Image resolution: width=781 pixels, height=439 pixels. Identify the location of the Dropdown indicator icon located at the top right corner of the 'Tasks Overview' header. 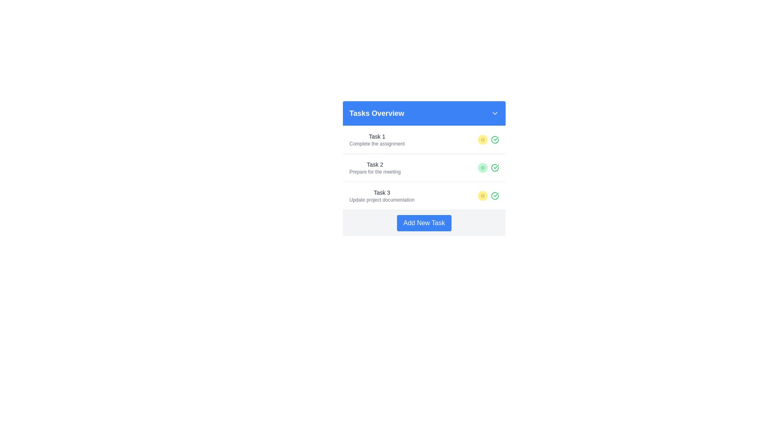
(495, 113).